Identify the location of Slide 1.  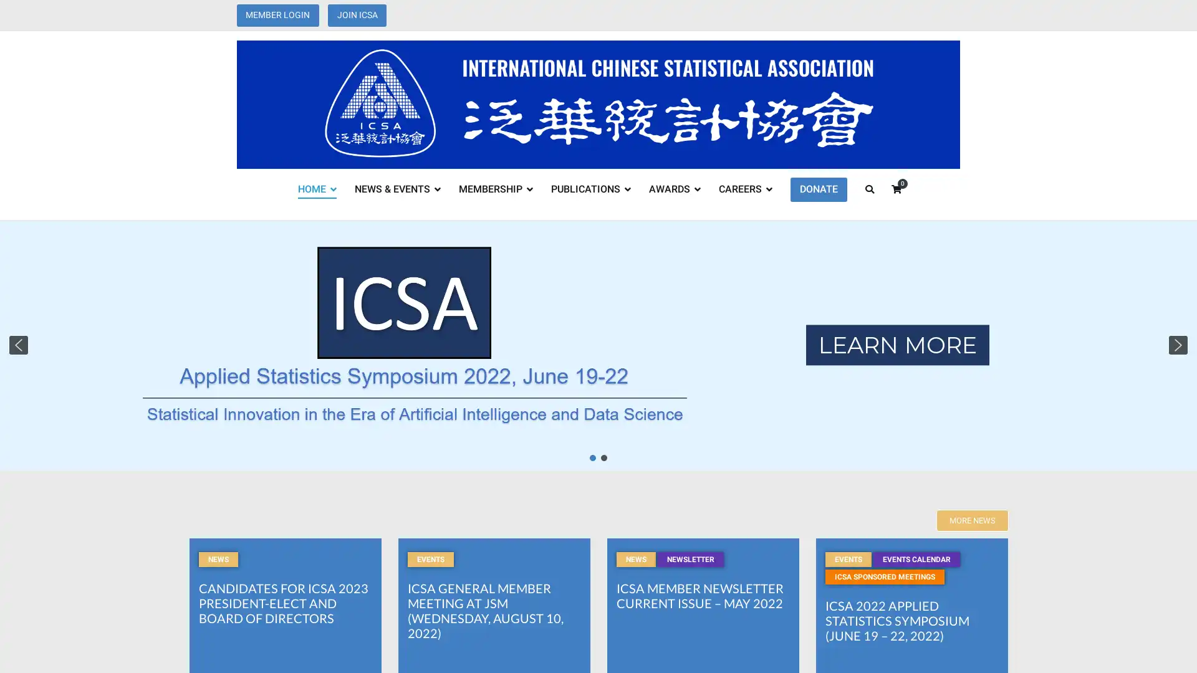
(592, 457).